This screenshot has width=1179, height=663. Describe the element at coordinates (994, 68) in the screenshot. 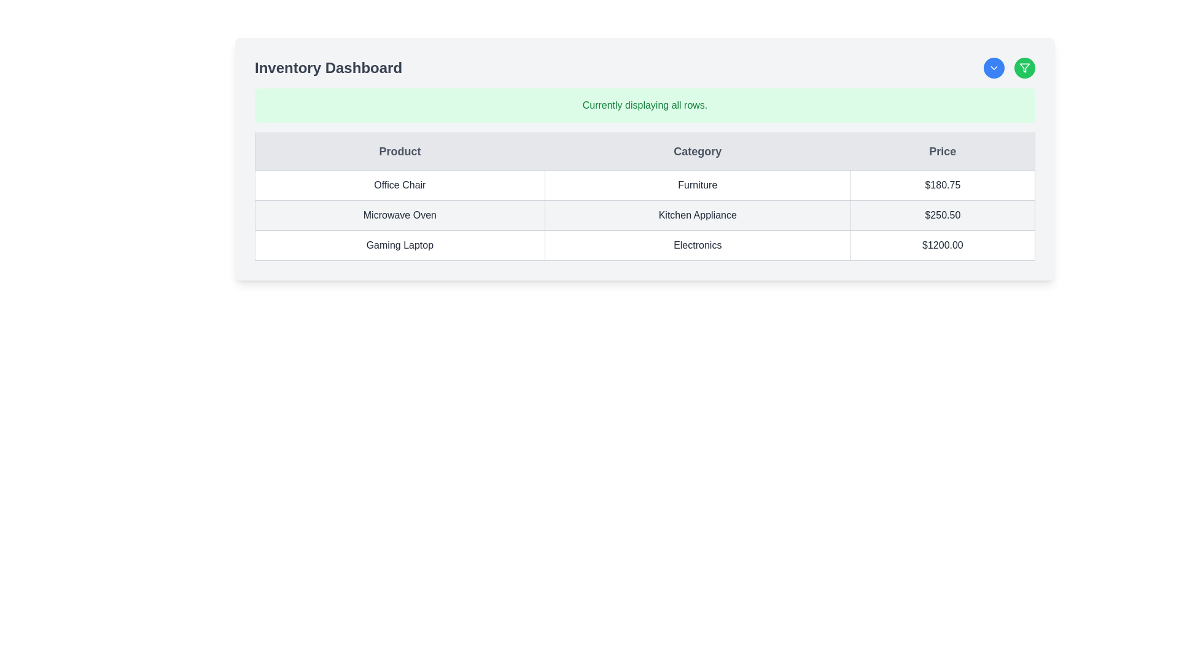

I see `the downward-facing chevron arrow icon located within the circular blue button in the top-right corner of the interface` at that location.